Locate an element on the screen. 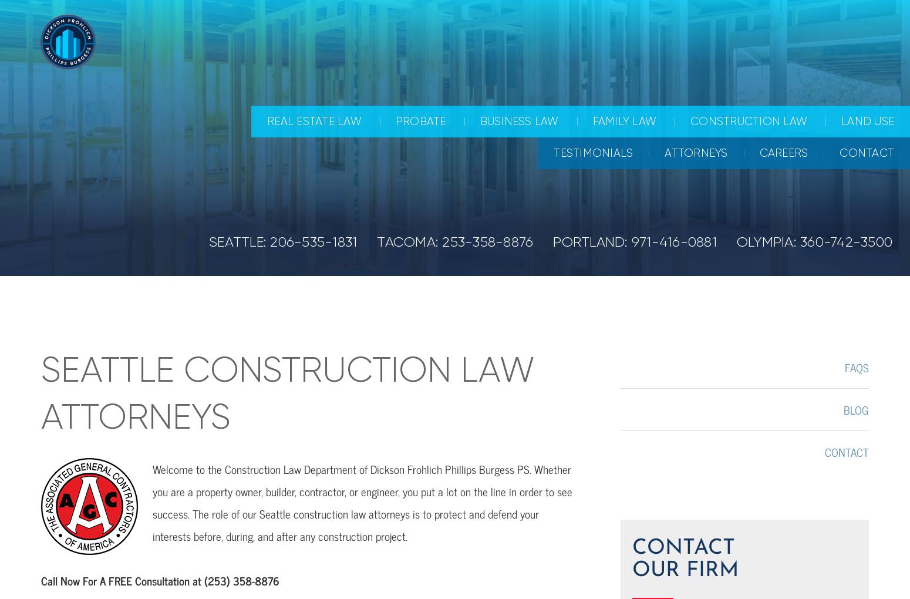  'SEATTLE:' is located at coordinates (239, 241).